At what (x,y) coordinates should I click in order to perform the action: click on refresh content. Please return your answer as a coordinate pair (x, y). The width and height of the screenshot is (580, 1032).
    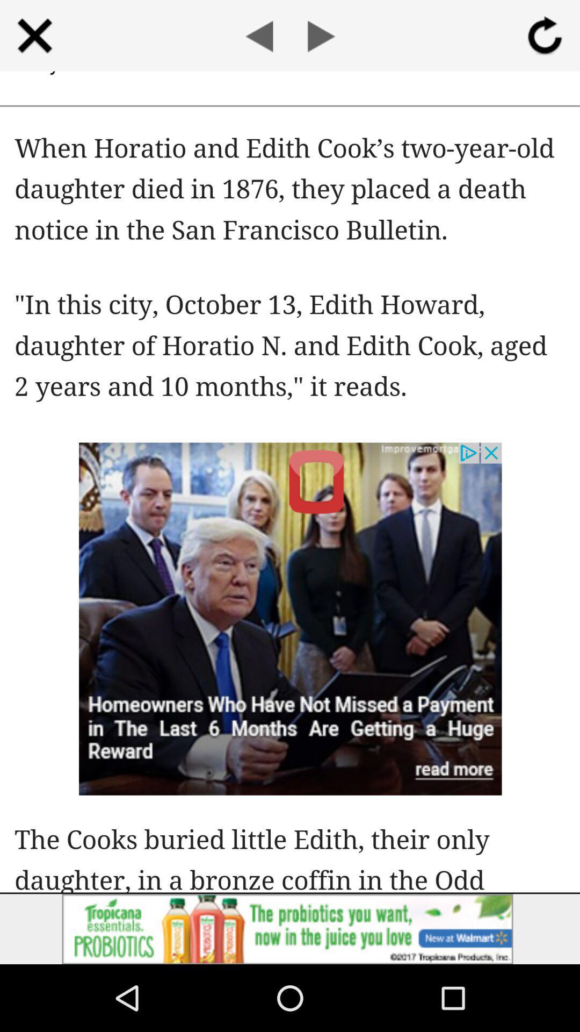
    Looking at the image, I should click on (545, 35).